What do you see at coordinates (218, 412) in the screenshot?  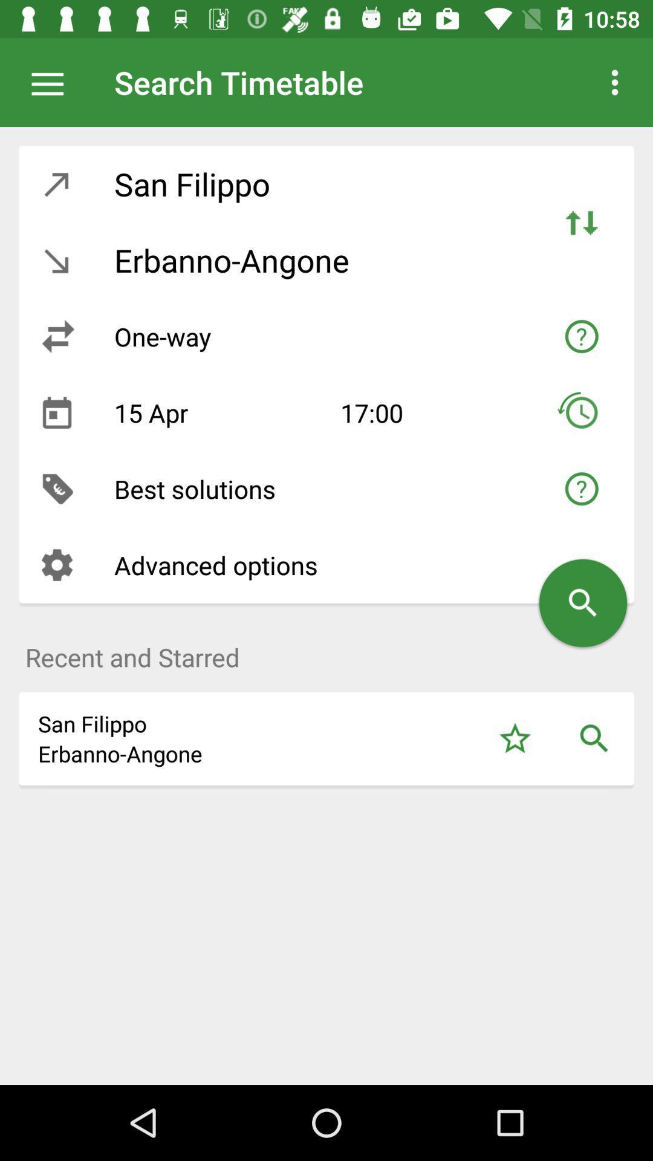 I see `the 15 apr` at bounding box center [218, 412].